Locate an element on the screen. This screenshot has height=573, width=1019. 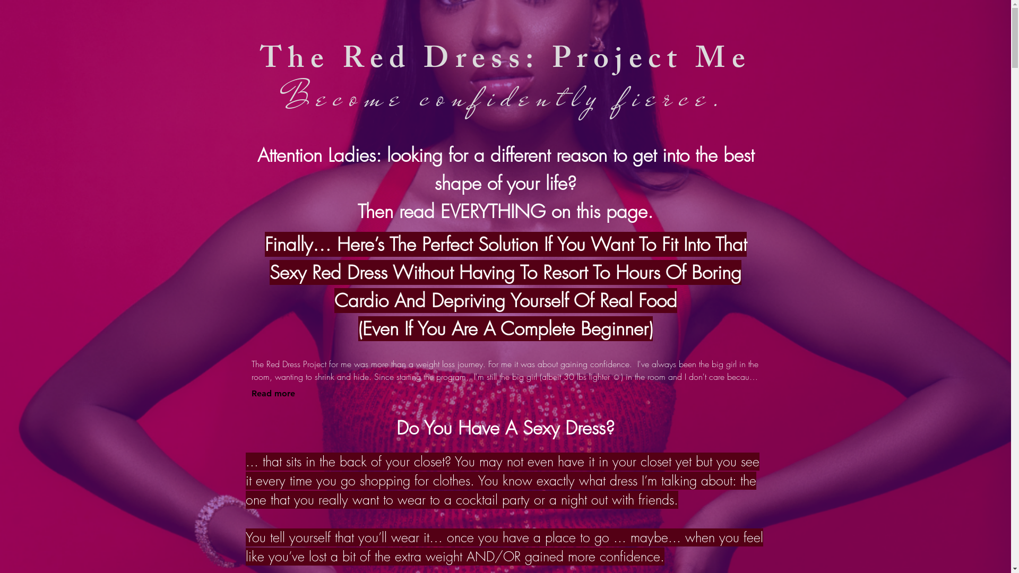
'Read more' is located at coordinates (273, 393).